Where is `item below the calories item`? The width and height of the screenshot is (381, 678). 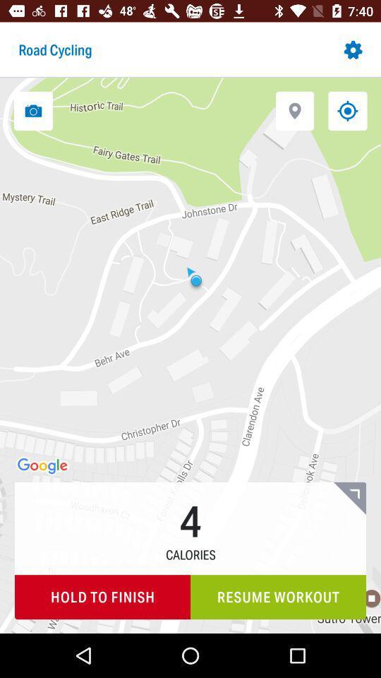 item below the calories item is located at coordinates (102, 596).